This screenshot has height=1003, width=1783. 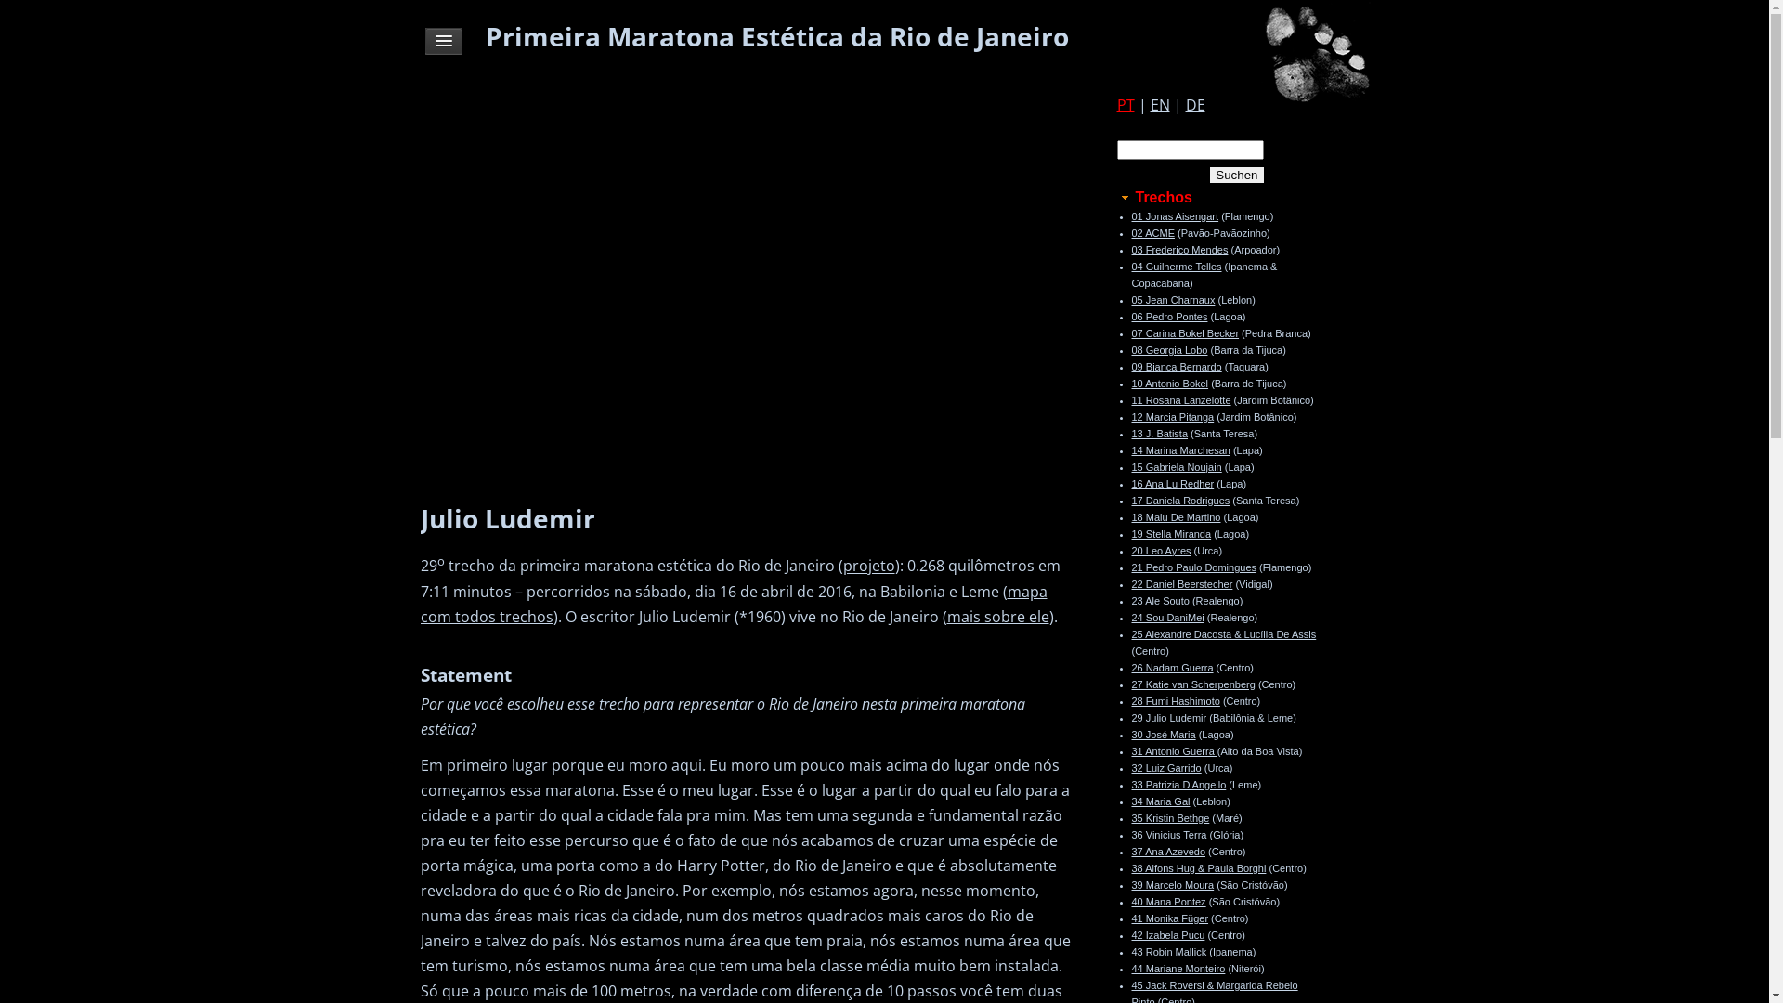 What do you see at coordinates (1130, 415) in the screenshot?
I see `'12 Marcia Pitanga'` at bounding box center [1130, 415].